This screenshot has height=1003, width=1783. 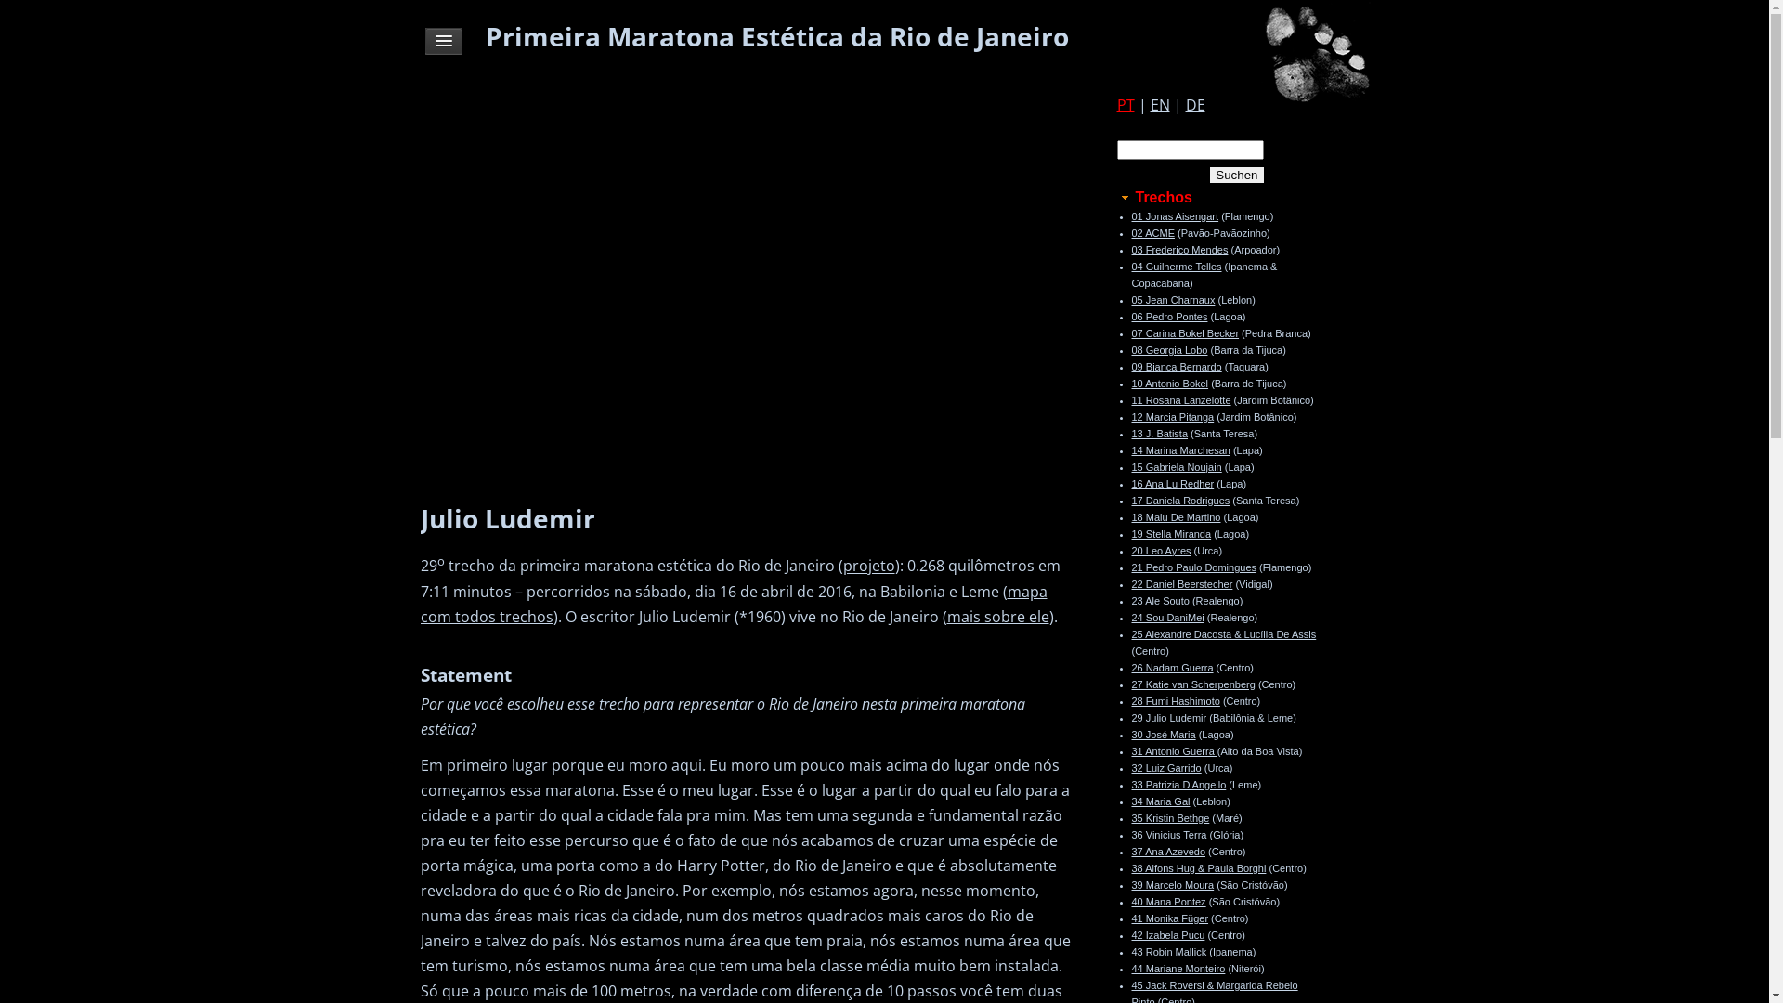 What do you see at coordinates (1130, 415) in the screenshot?
I see `'12 Marcia Pitanga'` at bounding box center [1130, 415].